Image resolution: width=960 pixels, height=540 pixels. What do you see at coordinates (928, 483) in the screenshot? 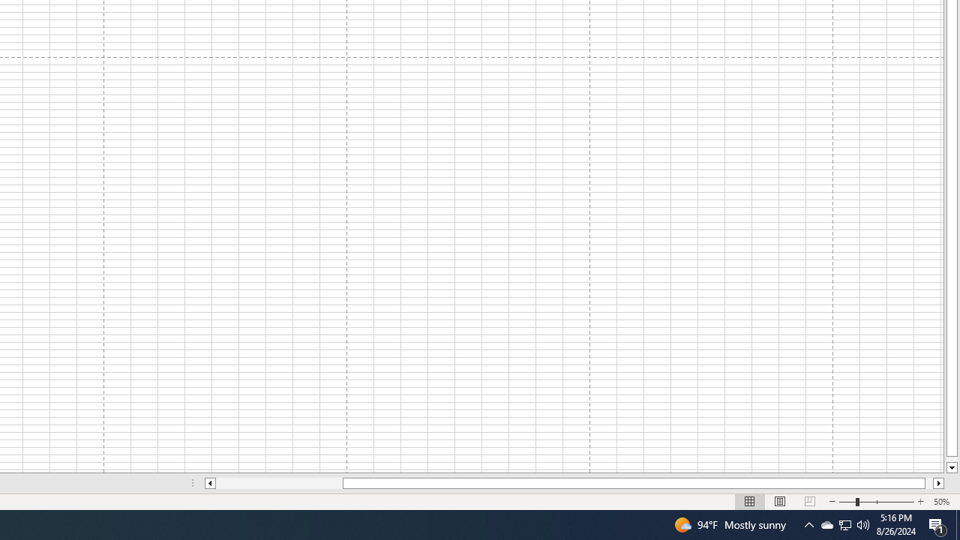
I see `'Page right'` at bounding box center [928, 483].